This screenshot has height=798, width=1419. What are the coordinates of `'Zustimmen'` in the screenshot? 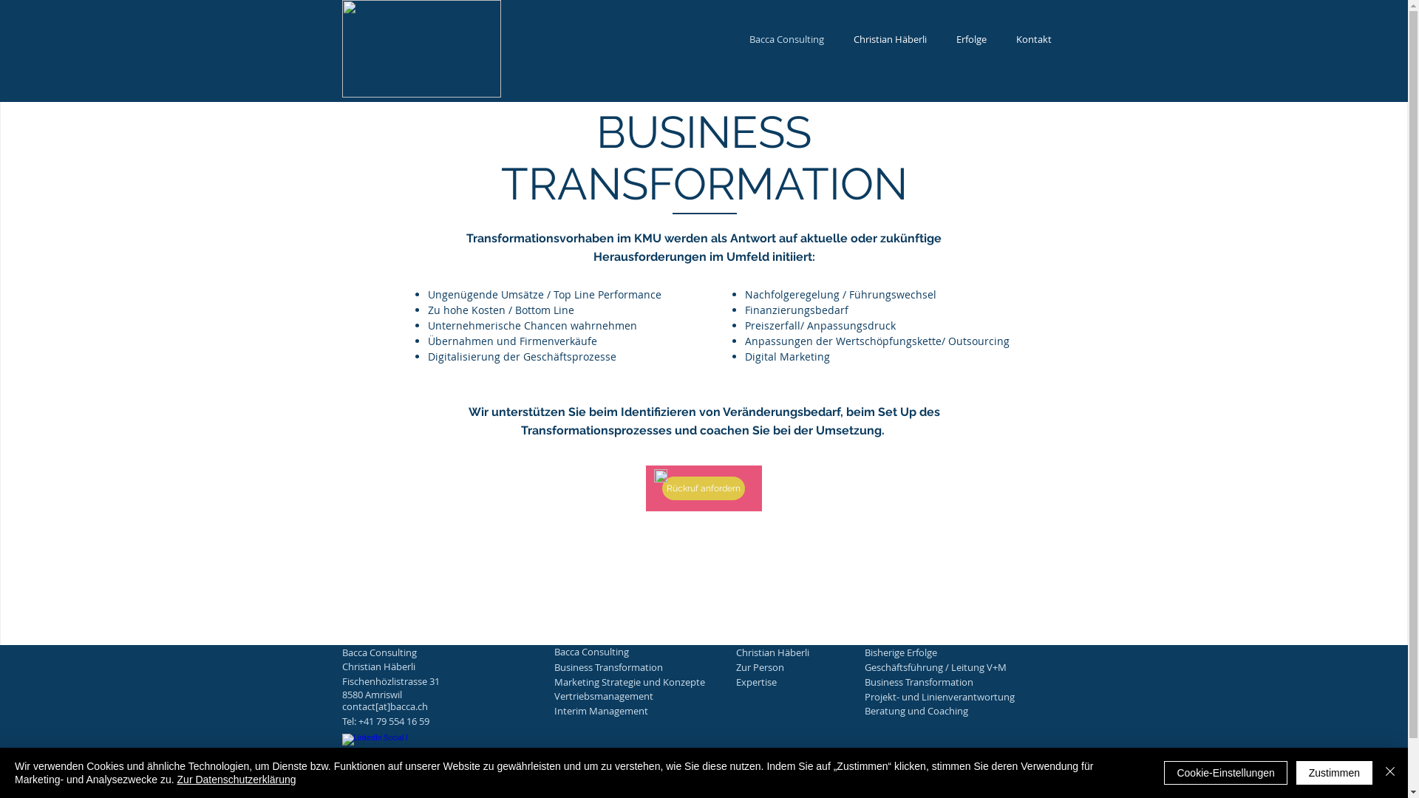 It's located at (1334, 771).